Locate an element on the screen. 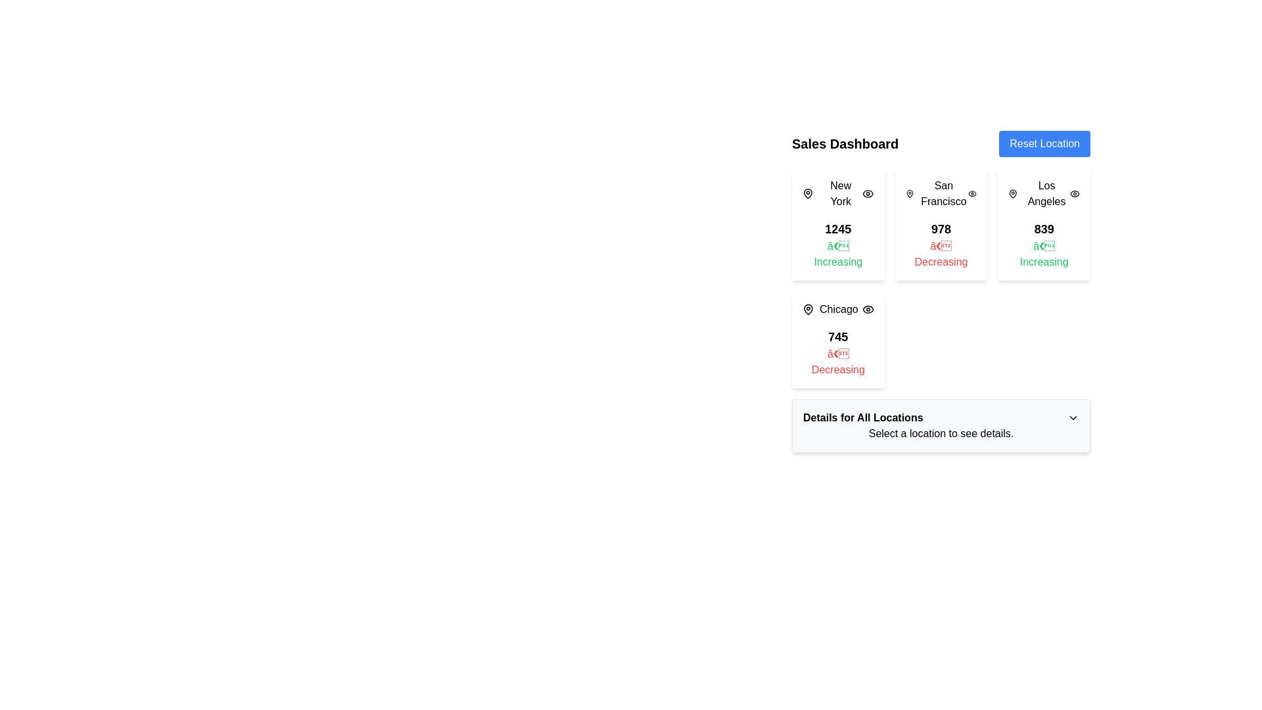 This screenshot has width=1262, height=710. the Text Label located in the leftmost card component, which indicates the location for the associated data displayed below it, positioned above the numeric value '1245' and the status 'Increasing' is located at coordinates (840, 193).